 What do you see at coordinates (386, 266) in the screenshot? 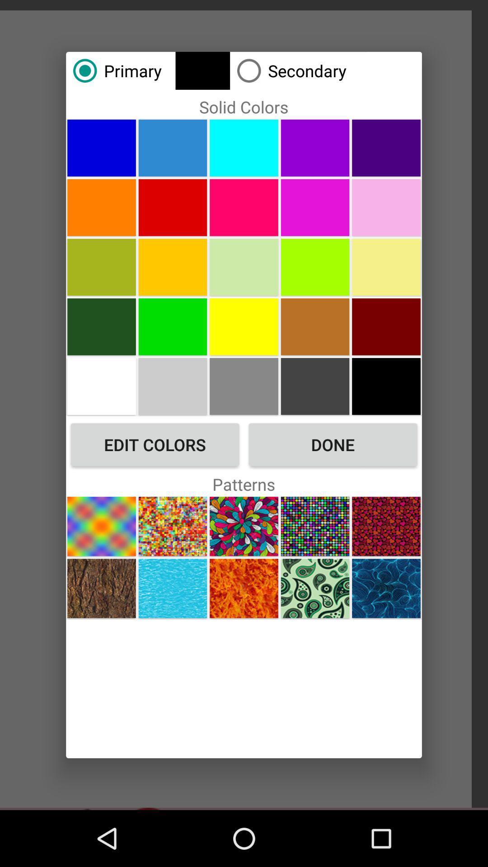
I see `primary color cream` at bounding box center [386, 266].